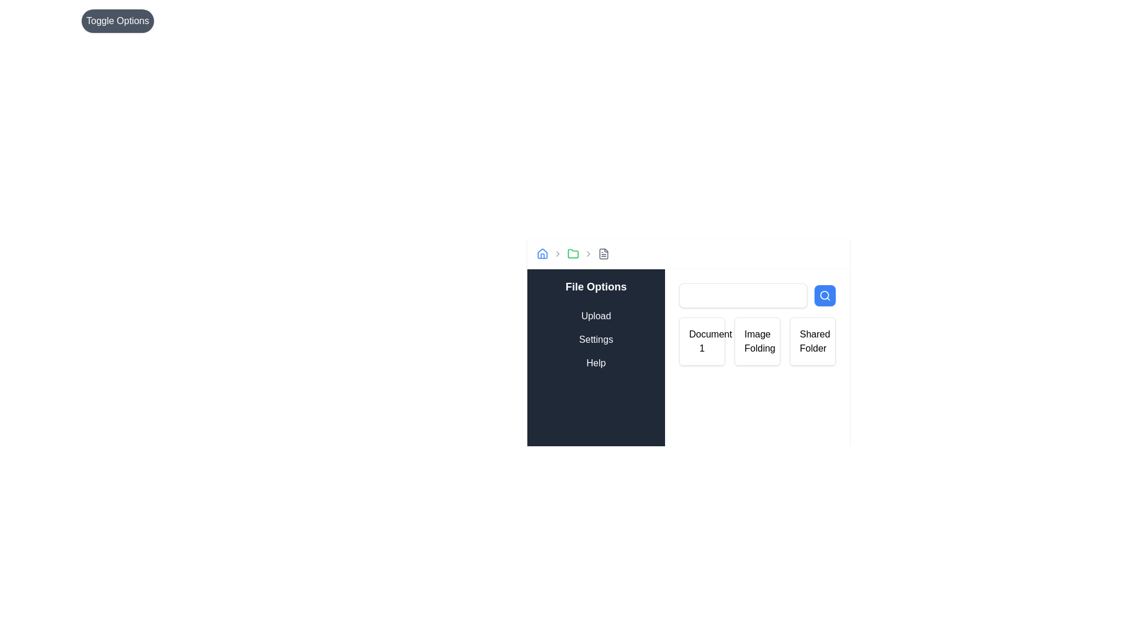  I want to click on the first button on the right side of the interface, so click(689, 335).